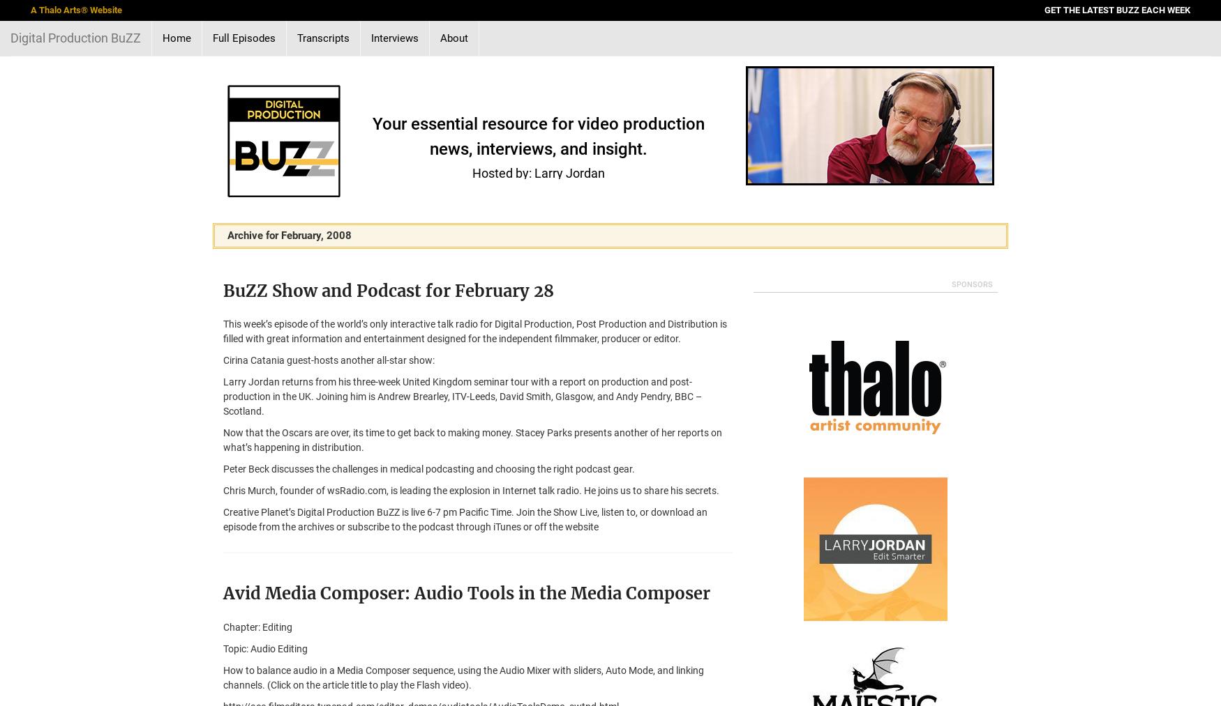 This screenshot has width=1221, height=706. Describe the element at coordinates (288, 235) in the screenshot. I see `'Archive for February, 2008'` at that location.